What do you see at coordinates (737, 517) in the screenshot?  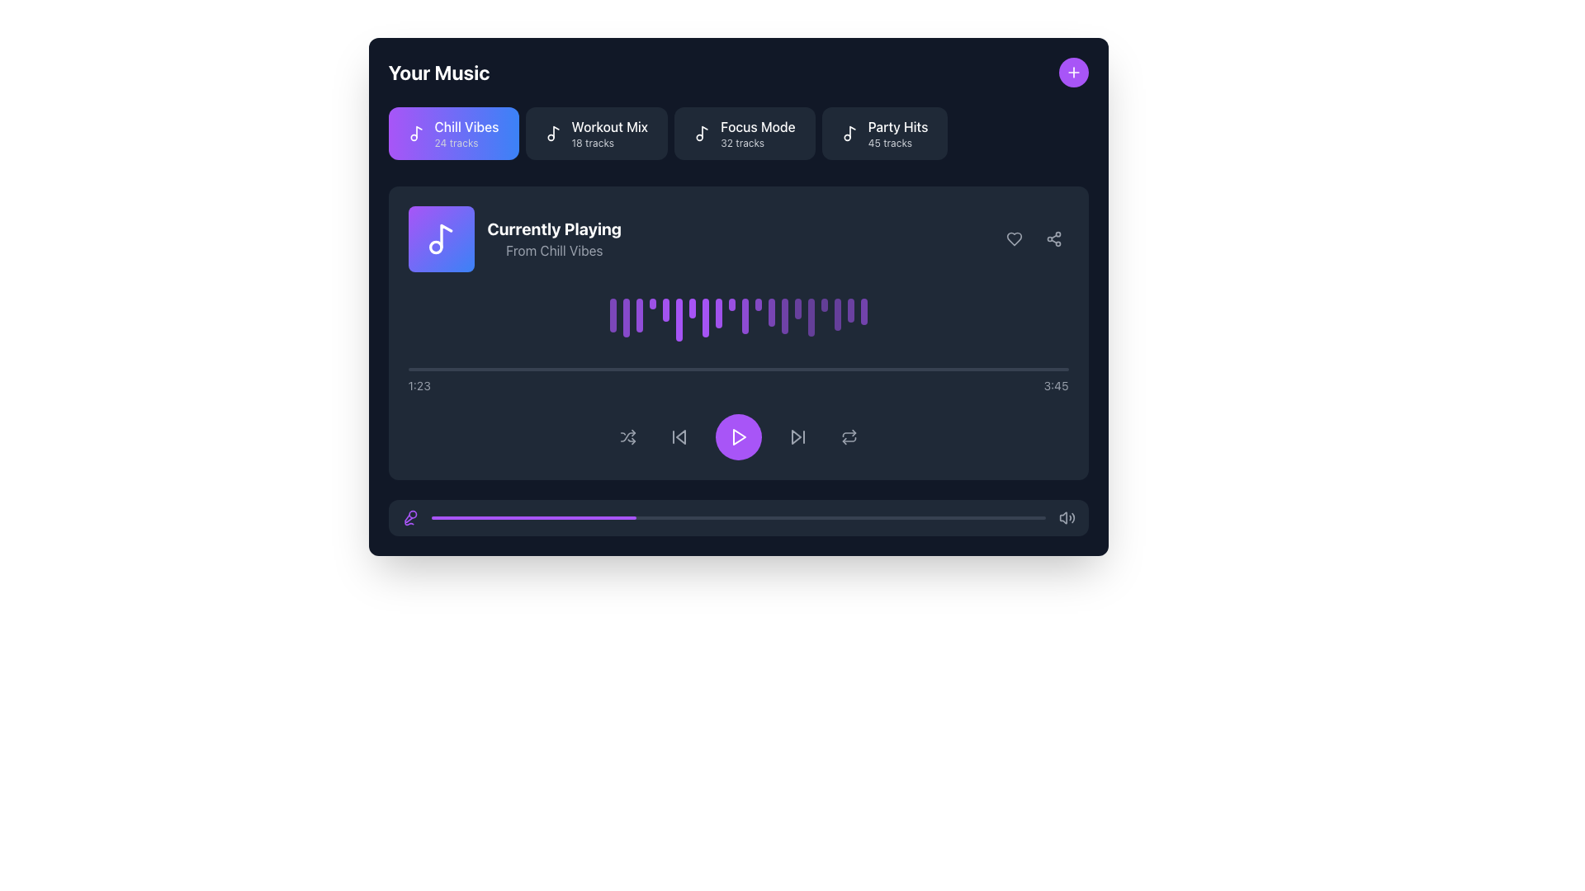 I see `the horizontal progress bar located at the bottom section of the interface, which has a partially filled purple segment and an unfilled gray segment` at bounding box center [737, 517].